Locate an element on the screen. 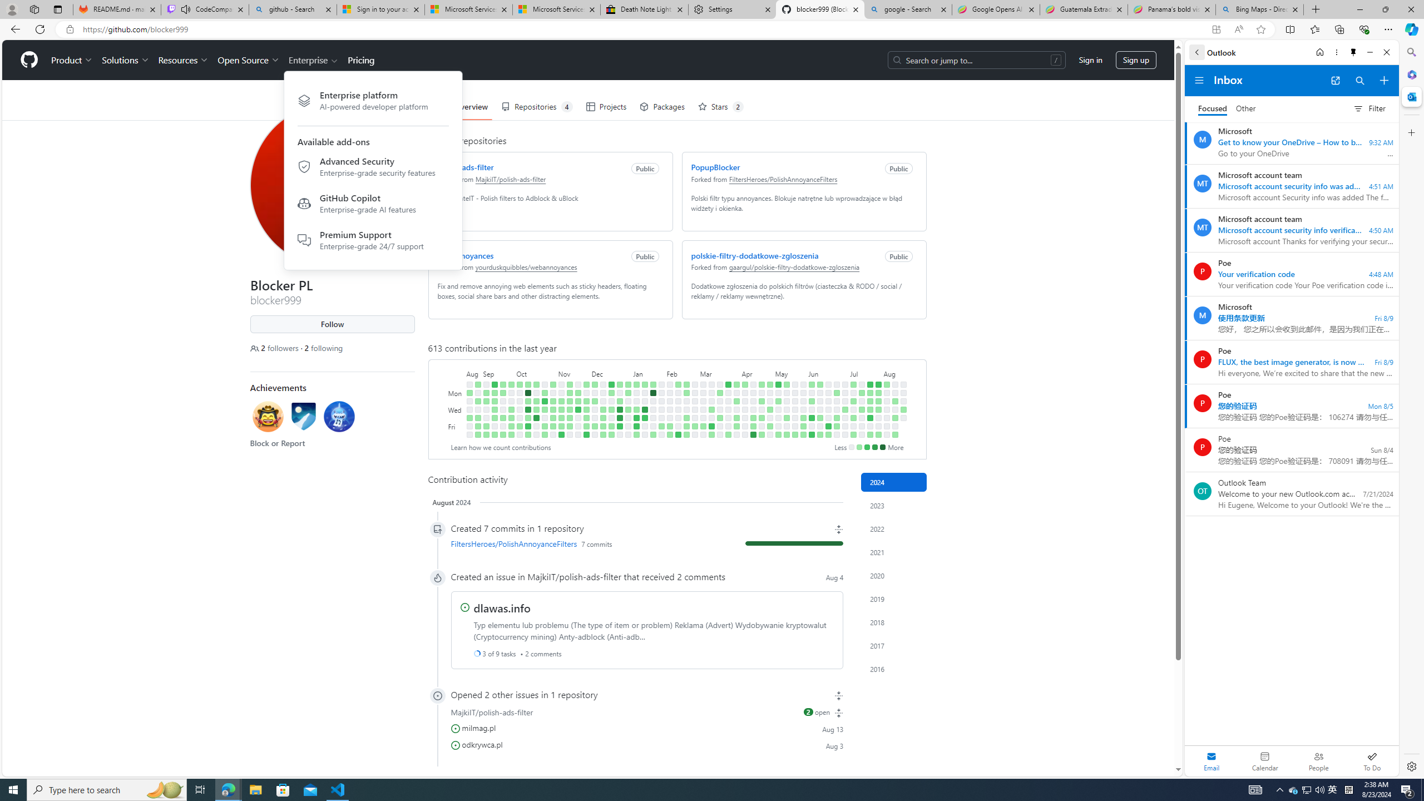 The image size is (1424, 801). 'Achievement: Quickdraw' is located at coordinates (268, 417).